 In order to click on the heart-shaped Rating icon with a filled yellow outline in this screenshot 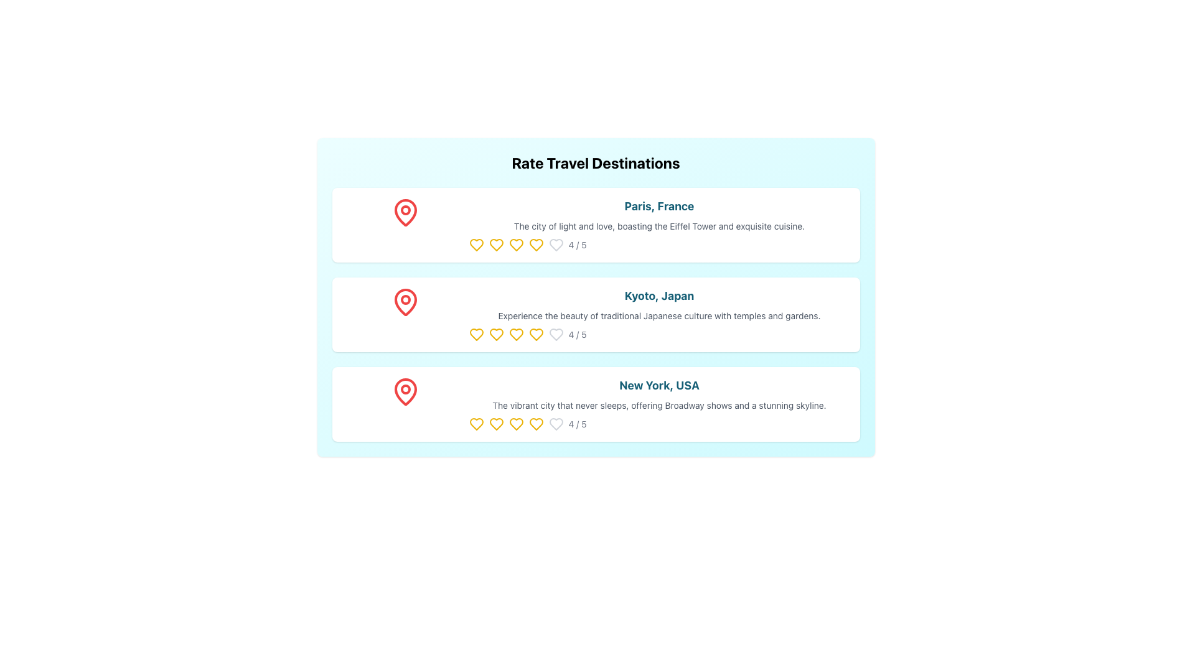, I will do `click(495, 334)`.